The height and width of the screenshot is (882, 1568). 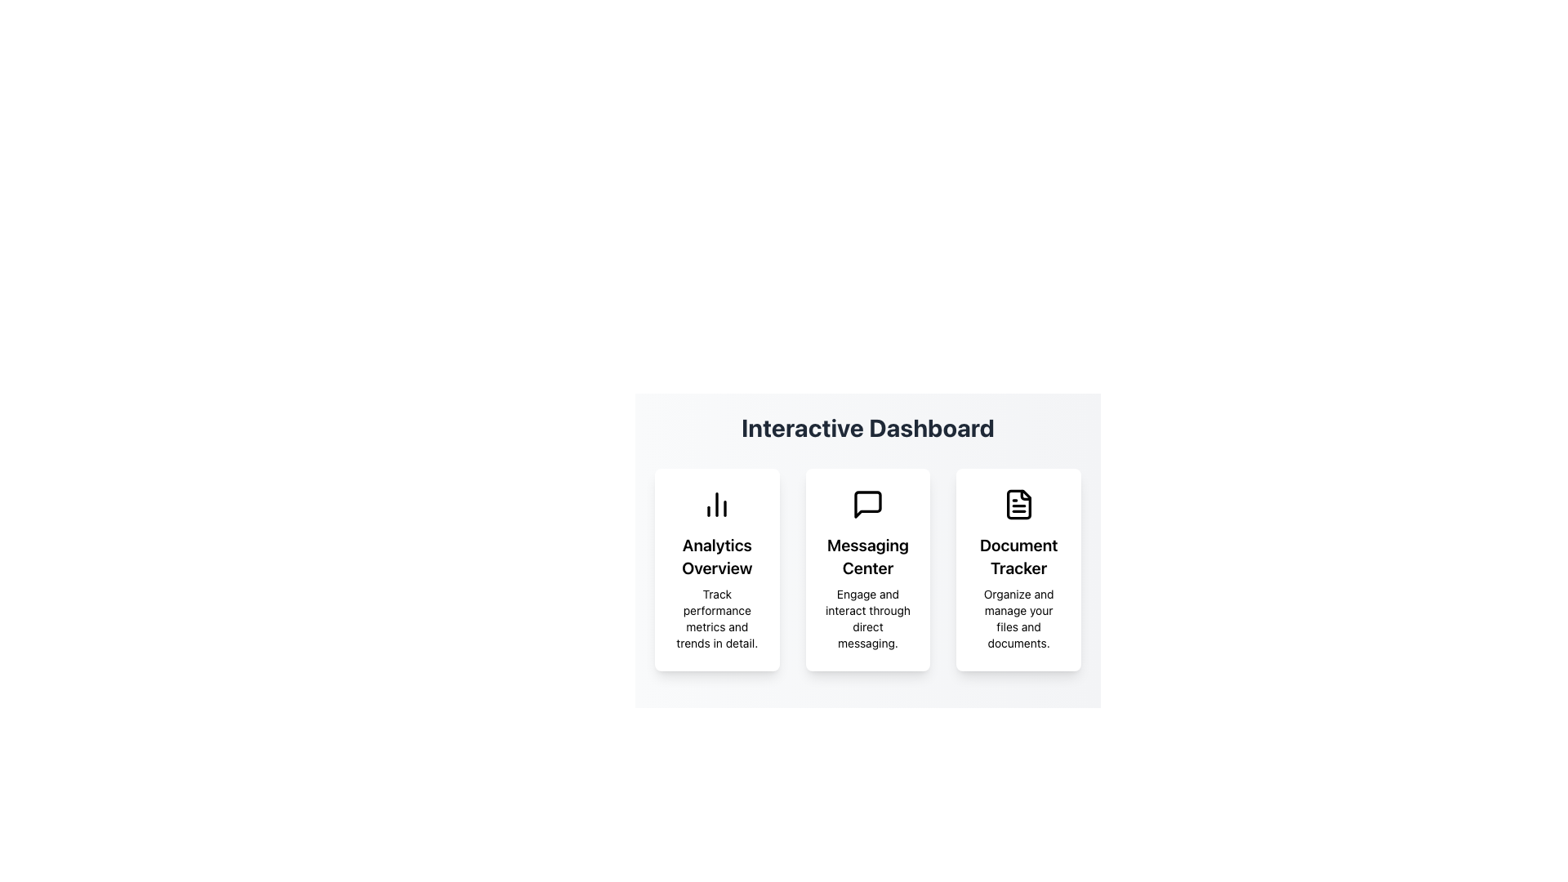 I want to click on the document icon located at the center of the 'Document Tracker' card, which is the third card in the horizontally arranged set under the 'Interactive Dashboard' heading, so click(x=1018, y=503).